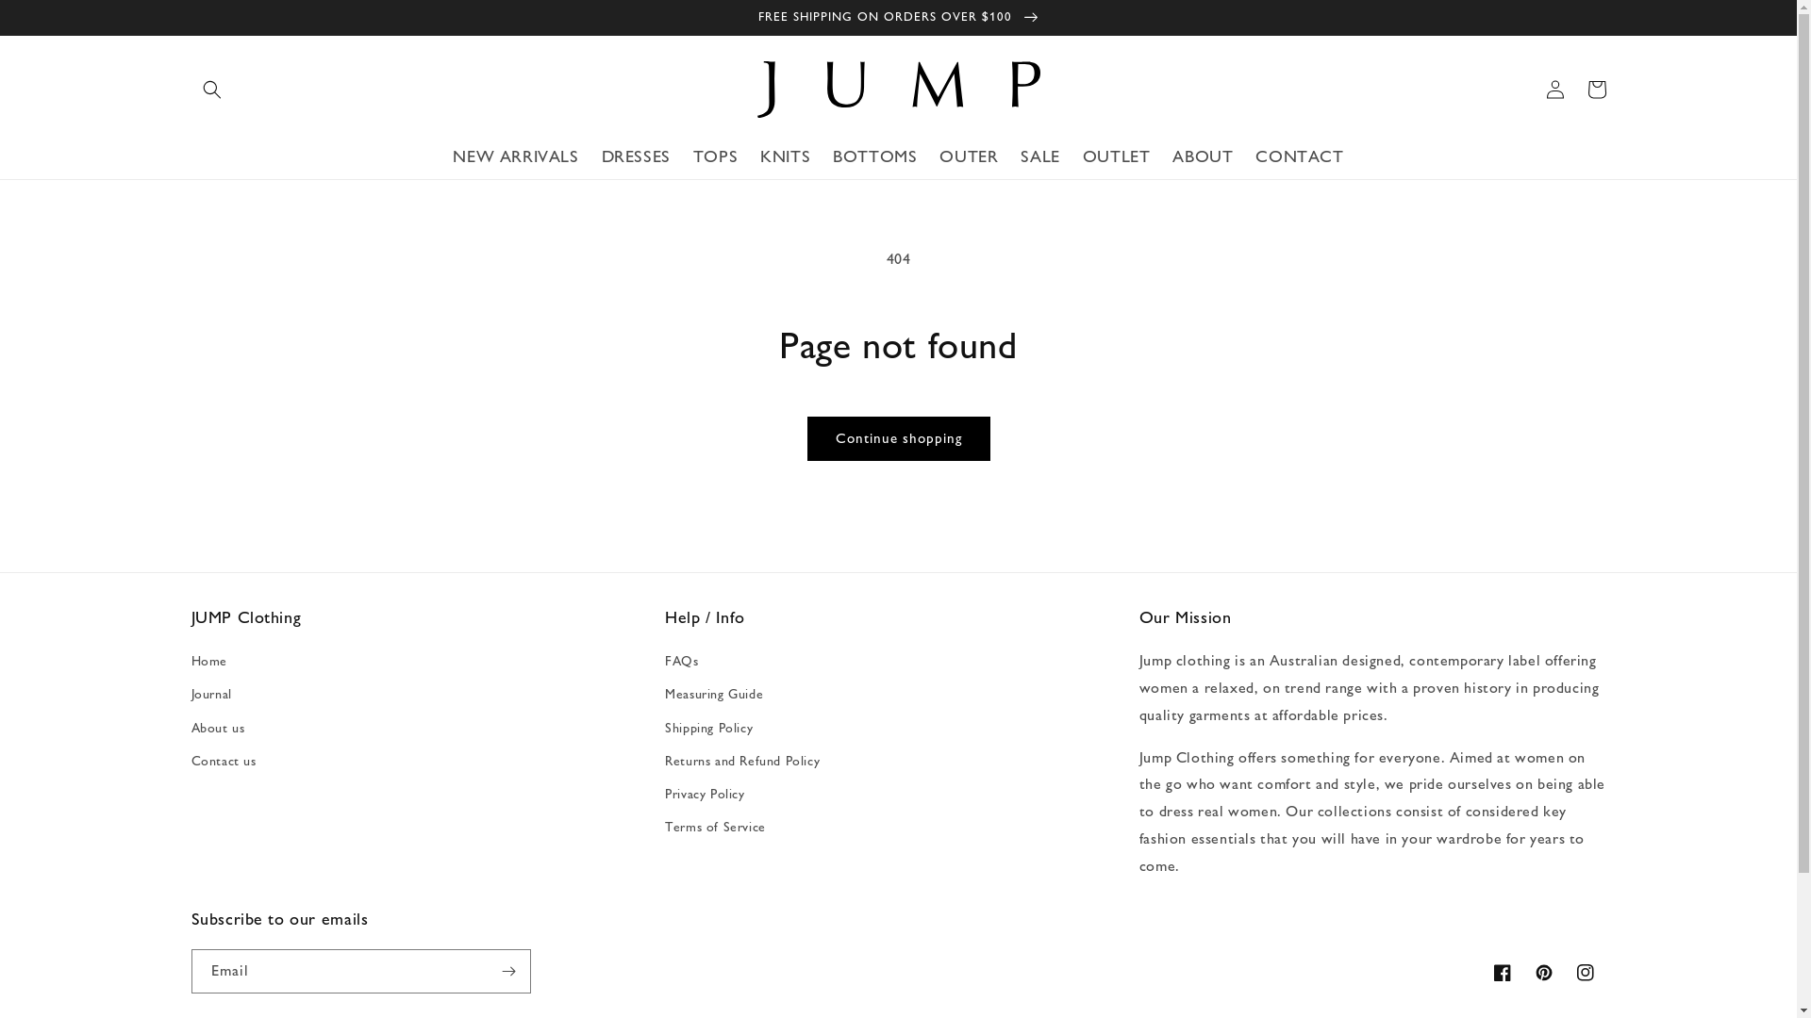 The height and width of the screenshot is (1018, 1811). What do you see at coordinates (707, 727) in the screenshot?
I see `'Shipping Policy'` at bounding box center [707, 727].